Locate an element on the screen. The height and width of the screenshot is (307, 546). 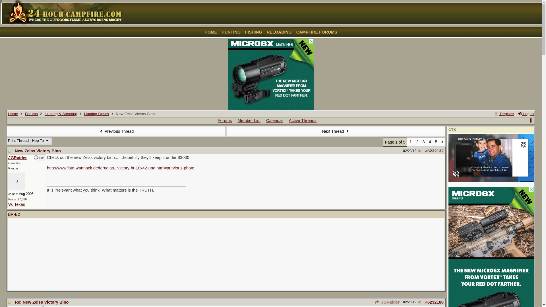
'Register' is located at coordinates (504, 114).